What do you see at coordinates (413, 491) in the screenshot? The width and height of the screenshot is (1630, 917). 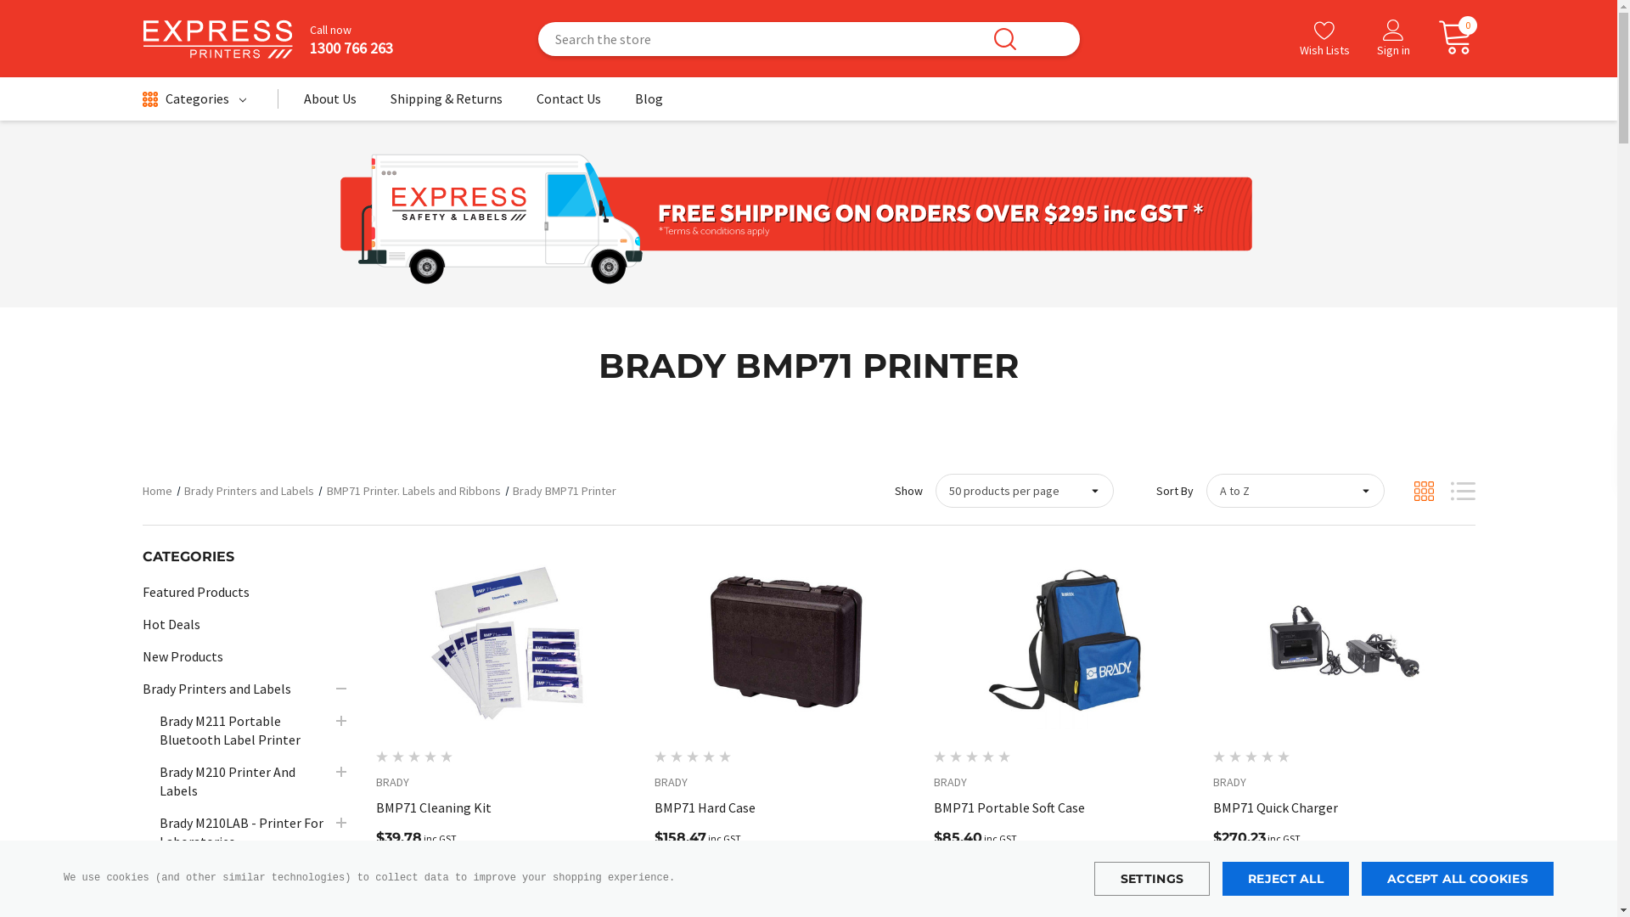 I see `'BMP71 Printer. Labels and Ribbons'` at bounding box center [413, 491].